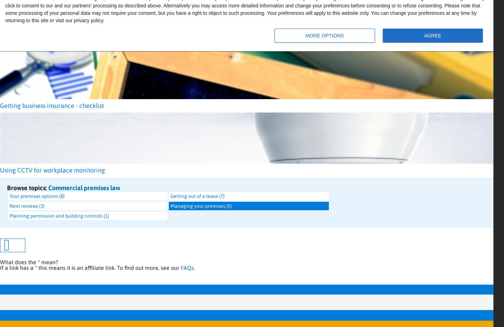  What do you see at coordinates (26, 206) in the screenshot?
I see `'Rent reviews (3)'` at bounding box center [26, 206].